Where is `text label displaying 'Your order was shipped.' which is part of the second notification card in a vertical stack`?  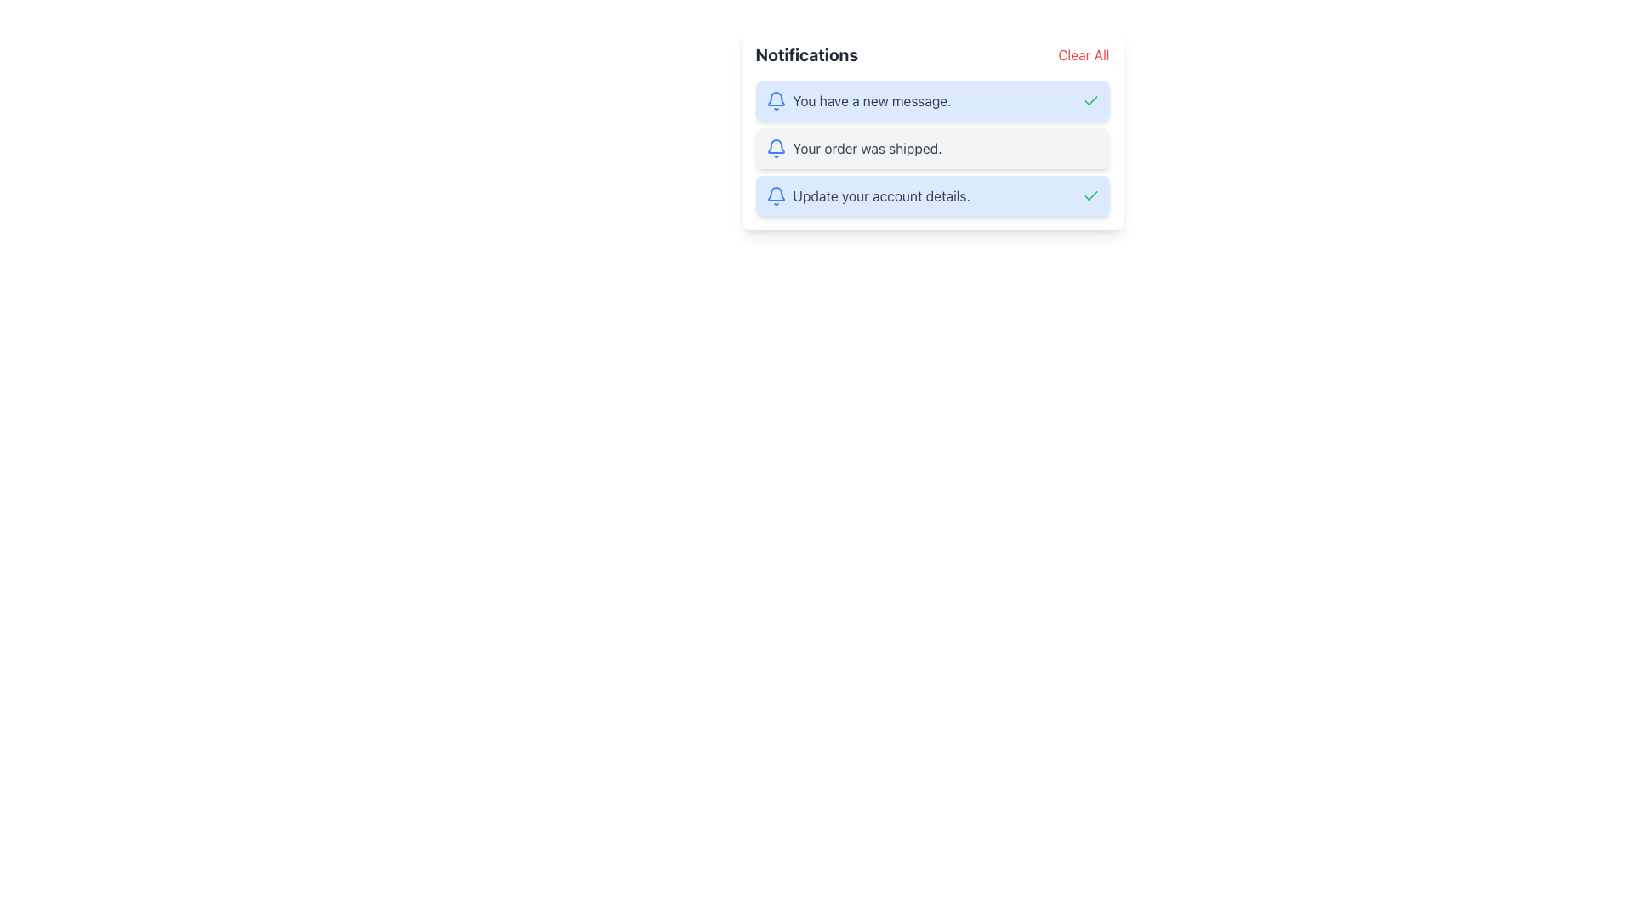 text label displaying 'Your order was shipped.' which is part of the second notification card in a vertical stack is located at coordinates (868, 147).